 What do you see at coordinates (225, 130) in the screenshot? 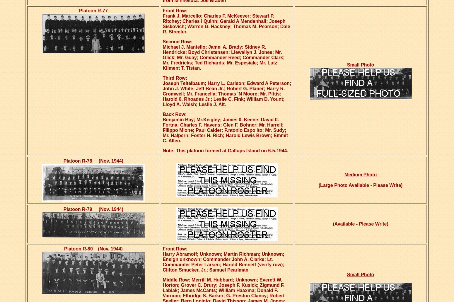
I see `'Benjamin Bay;  Mr.Keigley;  James 0. Keene:  David 0. Fortna;  Charles F. Havens;  Glen F. Bohner;  Mr. Harrell; Filippo Mione;  Paul Calder;  P.ntonio Espo ito;  Mr. Sudy;  Mr. Halpern;  Foster H. Rich;	Harold Lewis Brown; Emmit C.  Allen.'` at bounding box center [225, 130].